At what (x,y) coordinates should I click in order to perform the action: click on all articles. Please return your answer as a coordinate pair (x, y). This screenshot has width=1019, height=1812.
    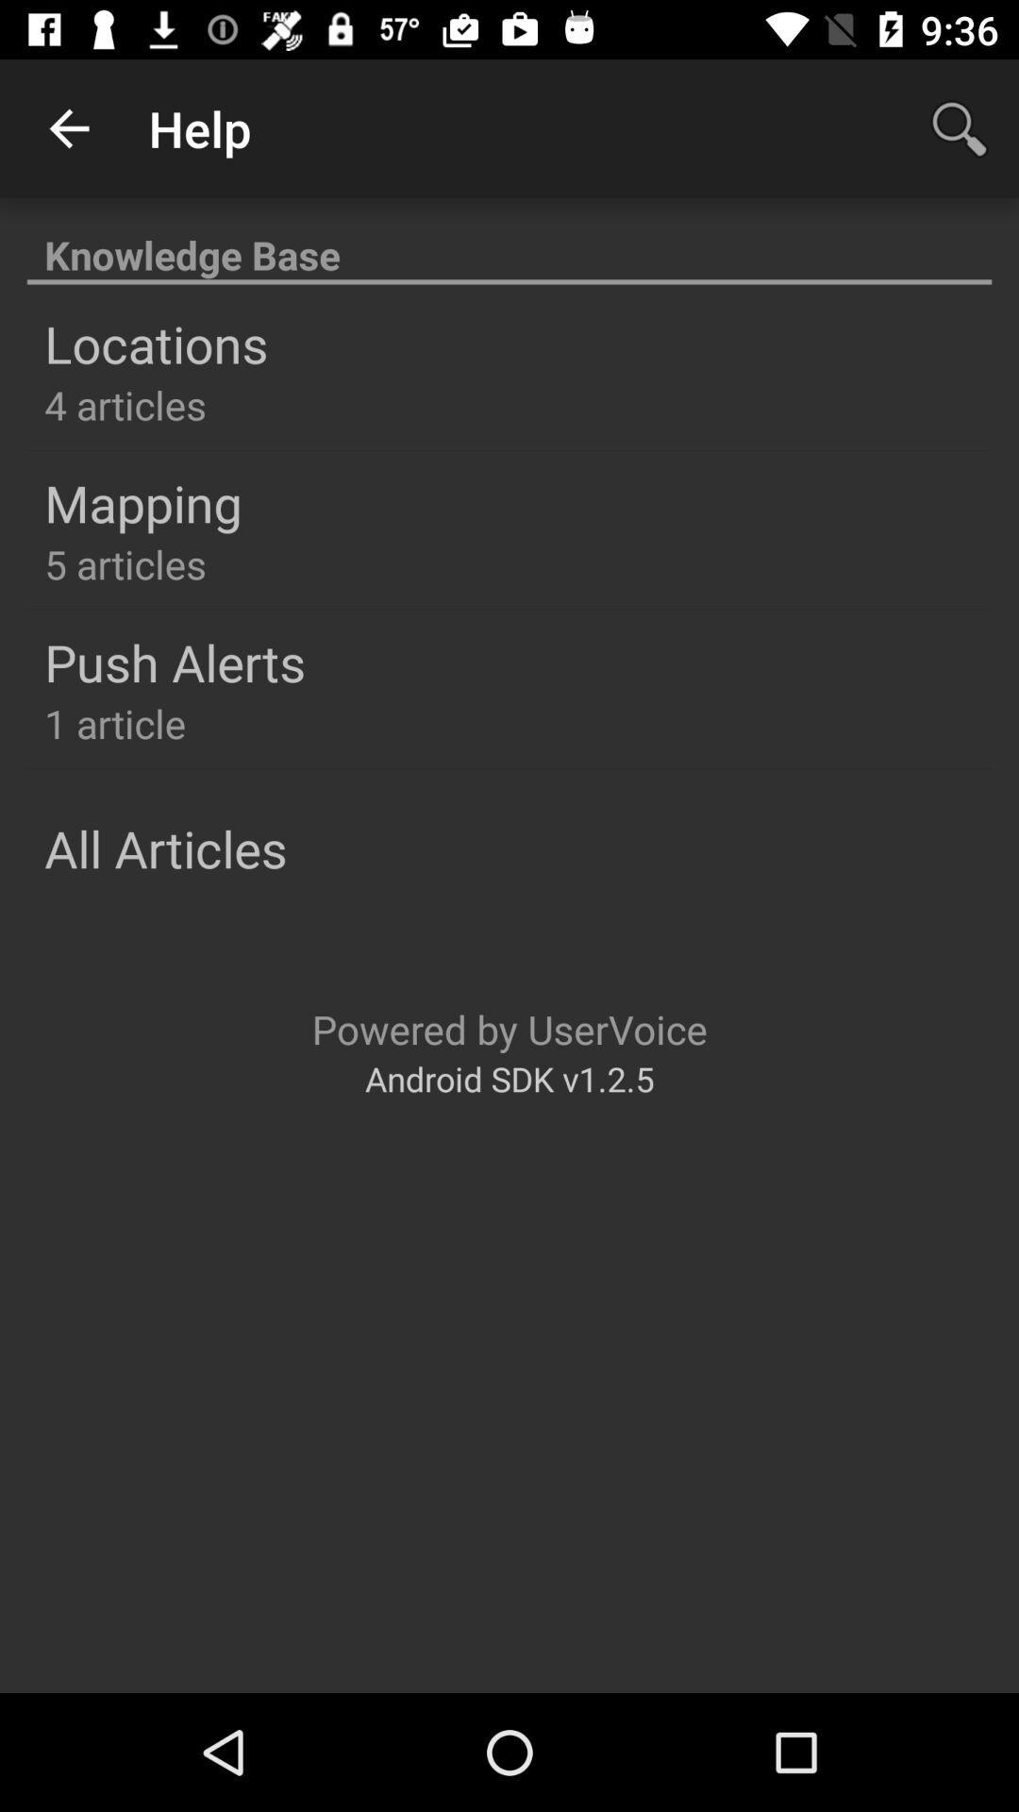
    Looking at the image, I should click on (164, 847).